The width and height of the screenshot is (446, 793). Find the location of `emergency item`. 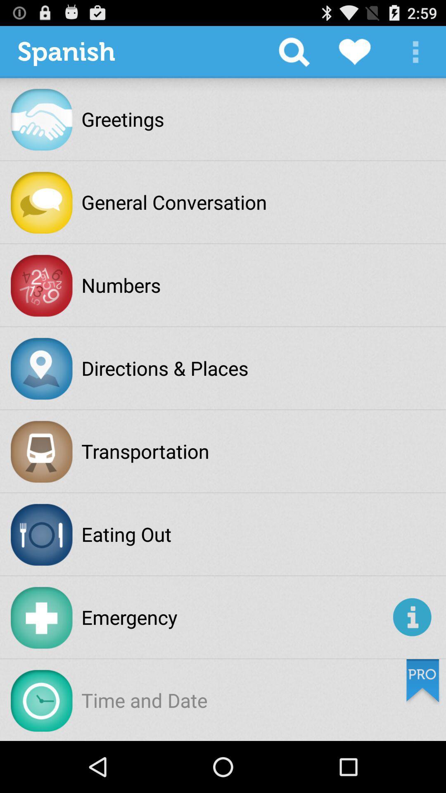

emergency item is located at coordinates (235, 617).